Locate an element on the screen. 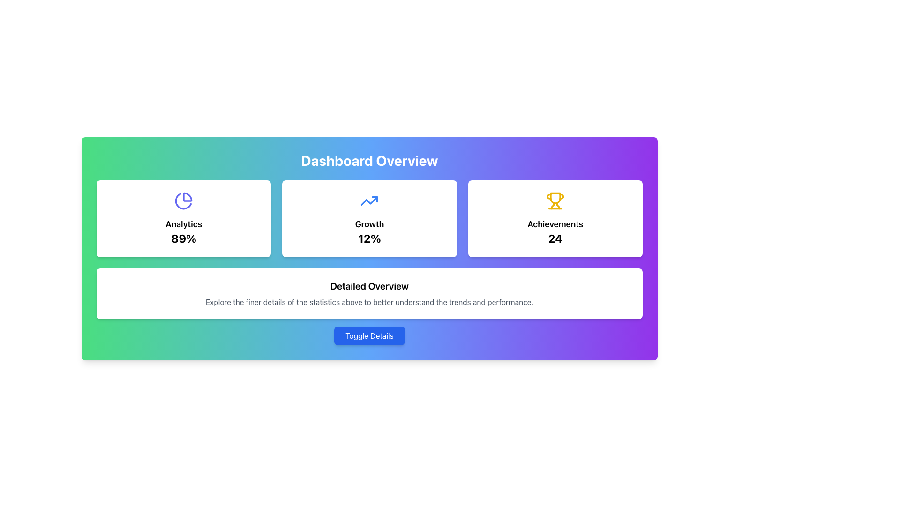 This screenshot has height=506, width=900. the leftmost Summary Card that displays 'Analytics' and '89%', featuring a pie chart icon in indigo color is located at coordinates (184, 218).